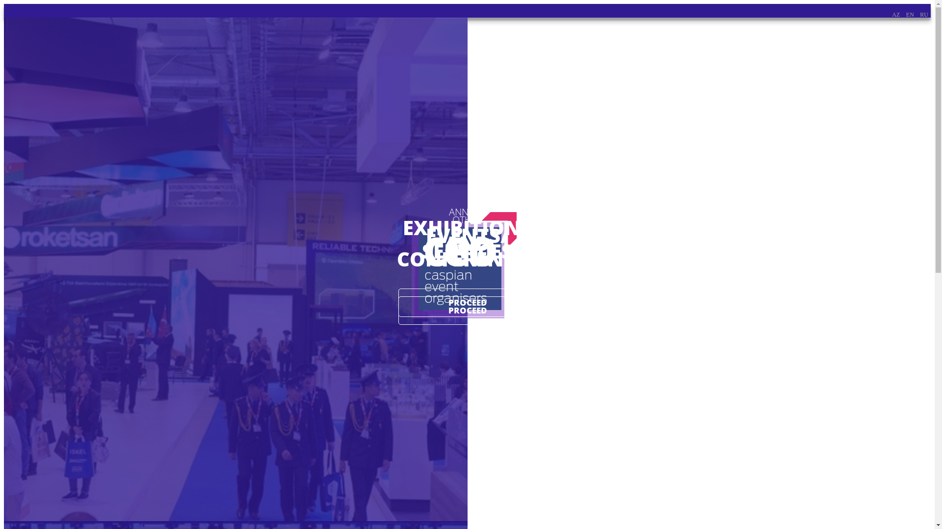  What do you see at coordinates (923, 15) in the screenshot?
I see `'RU'` at bounding box center [923, 15].